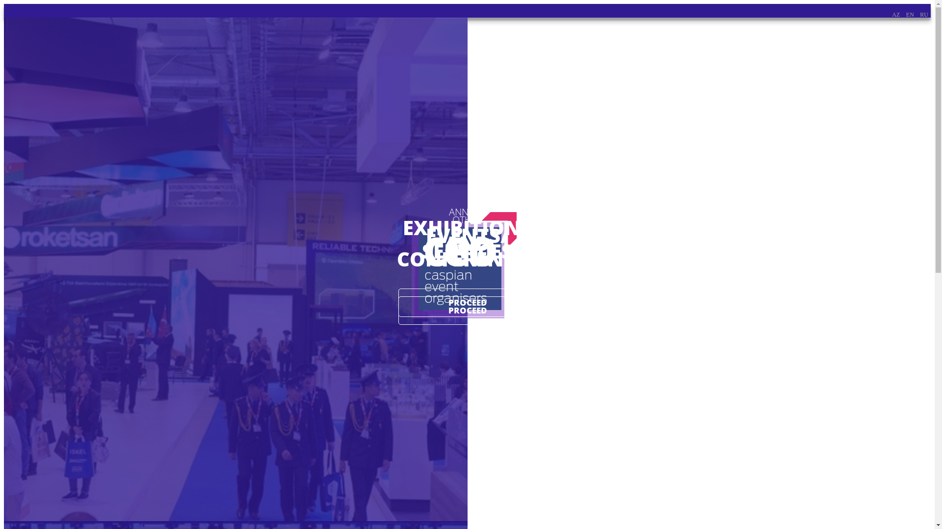  What do you see at coordinates (923, 15) in the screenshot?
I see `'RU'` at bounding box center [923, 15].